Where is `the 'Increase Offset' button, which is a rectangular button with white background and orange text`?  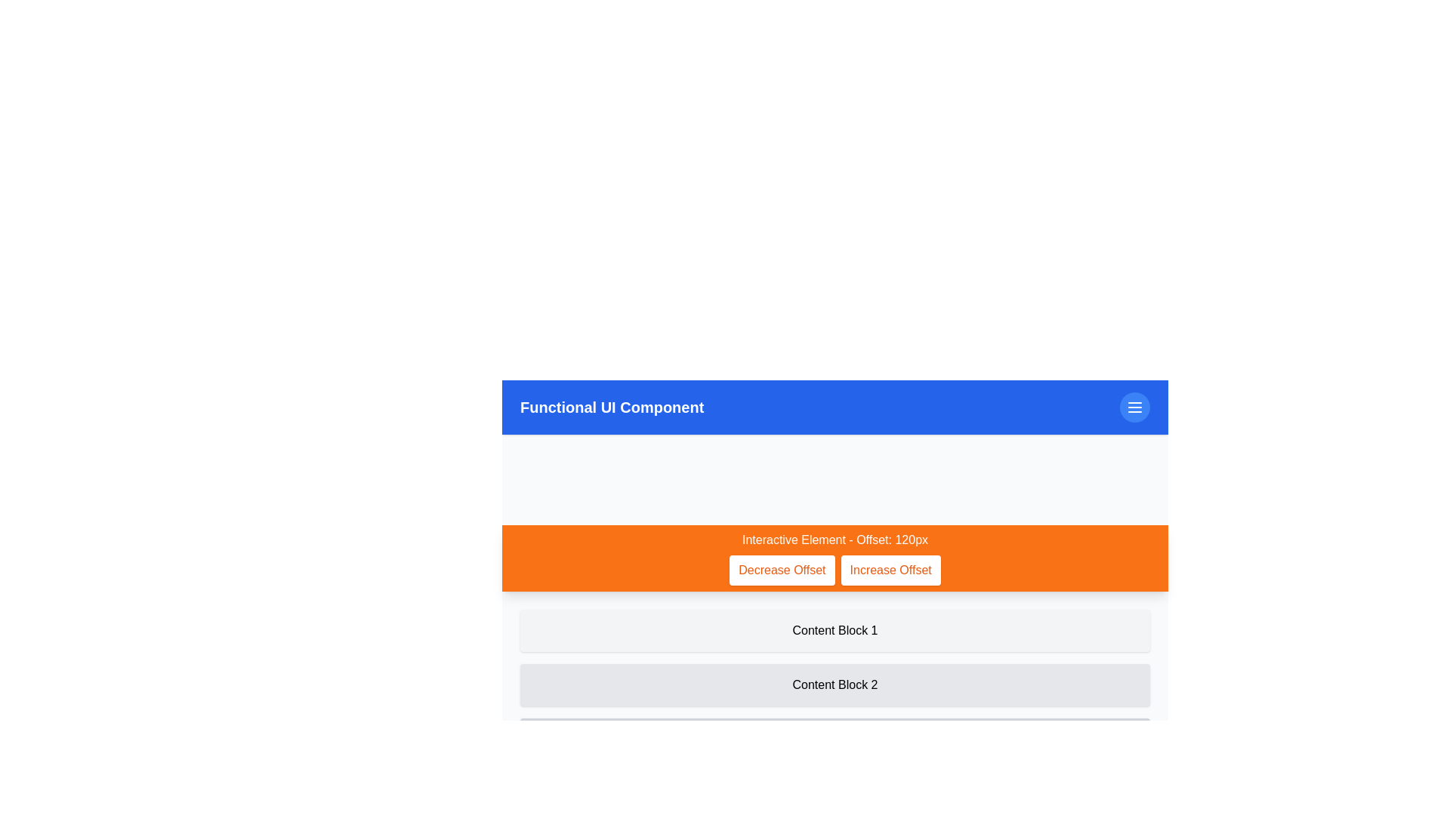 the 'Increase Offset' button, which is a rectangular button with white background and orange text is located at coordinates (890, 570).